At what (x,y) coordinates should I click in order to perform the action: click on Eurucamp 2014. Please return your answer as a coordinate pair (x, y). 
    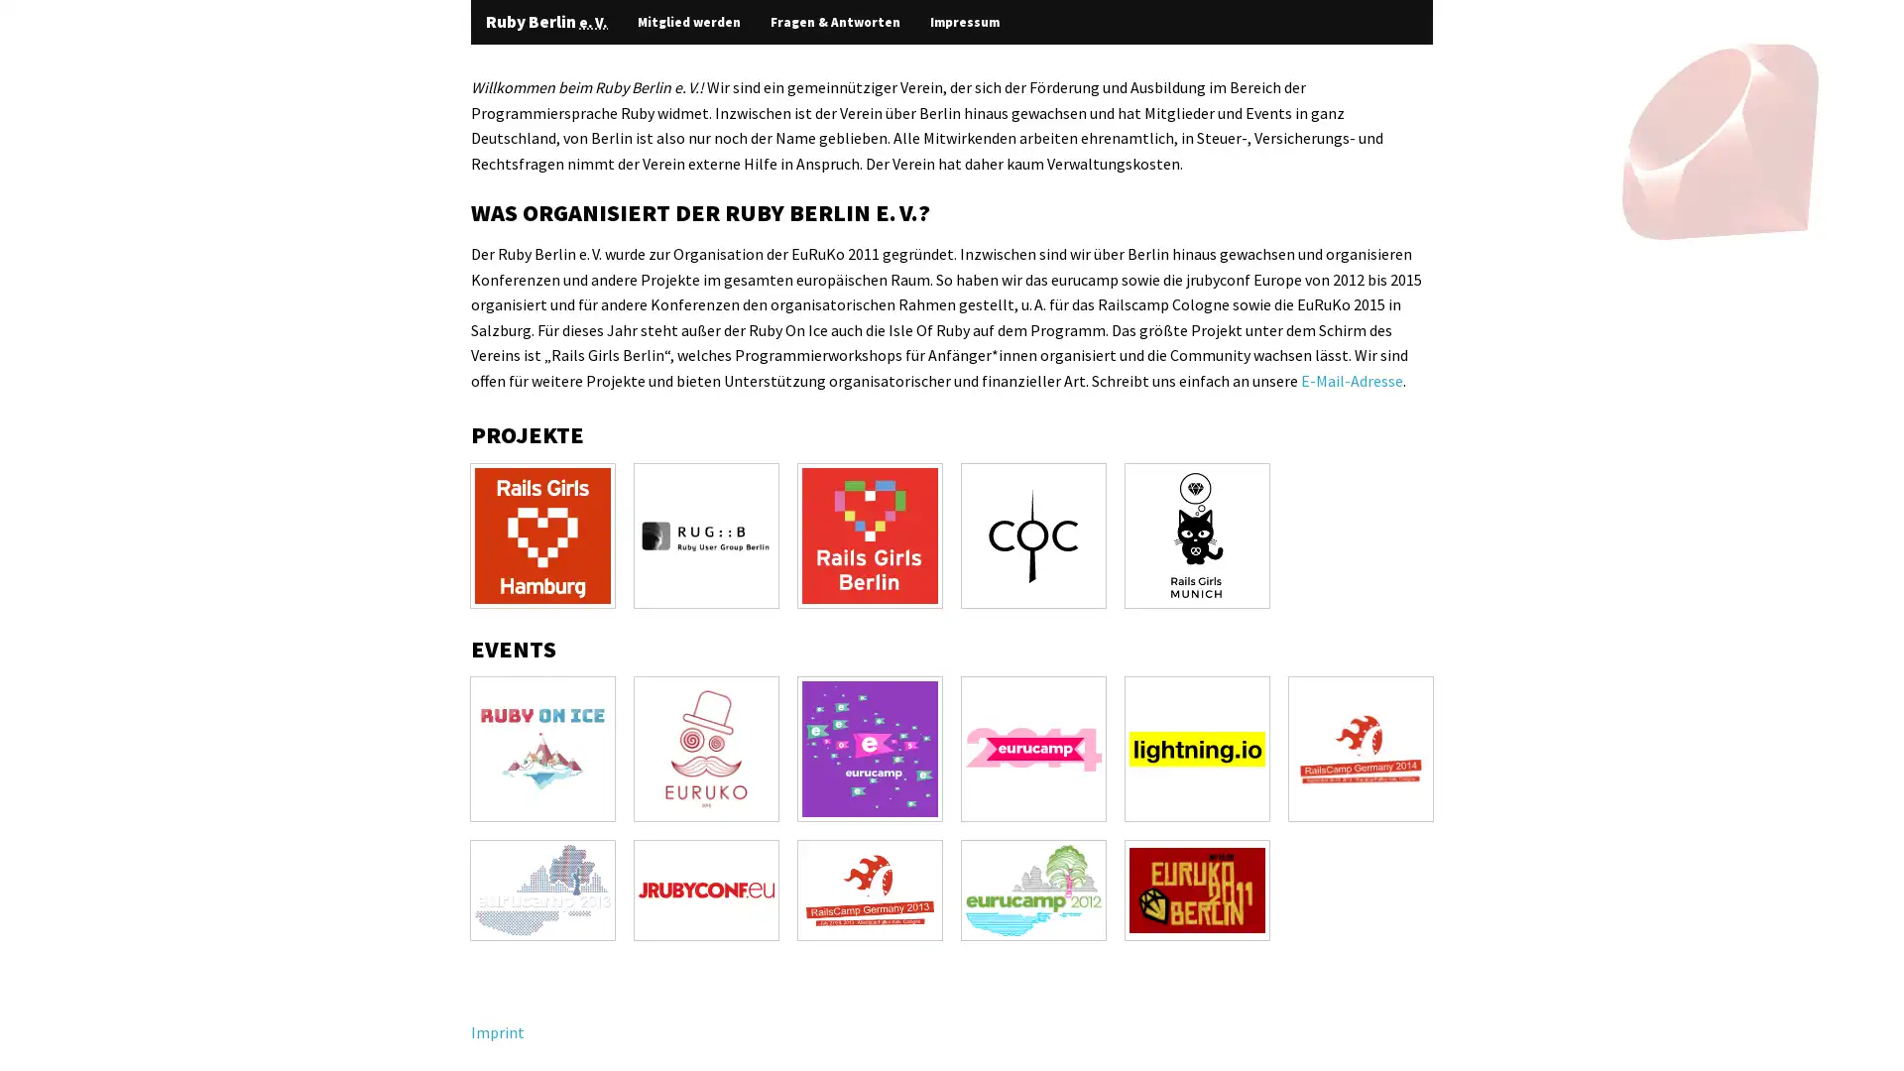
    Looking at the image, I should click on (1032, 749).